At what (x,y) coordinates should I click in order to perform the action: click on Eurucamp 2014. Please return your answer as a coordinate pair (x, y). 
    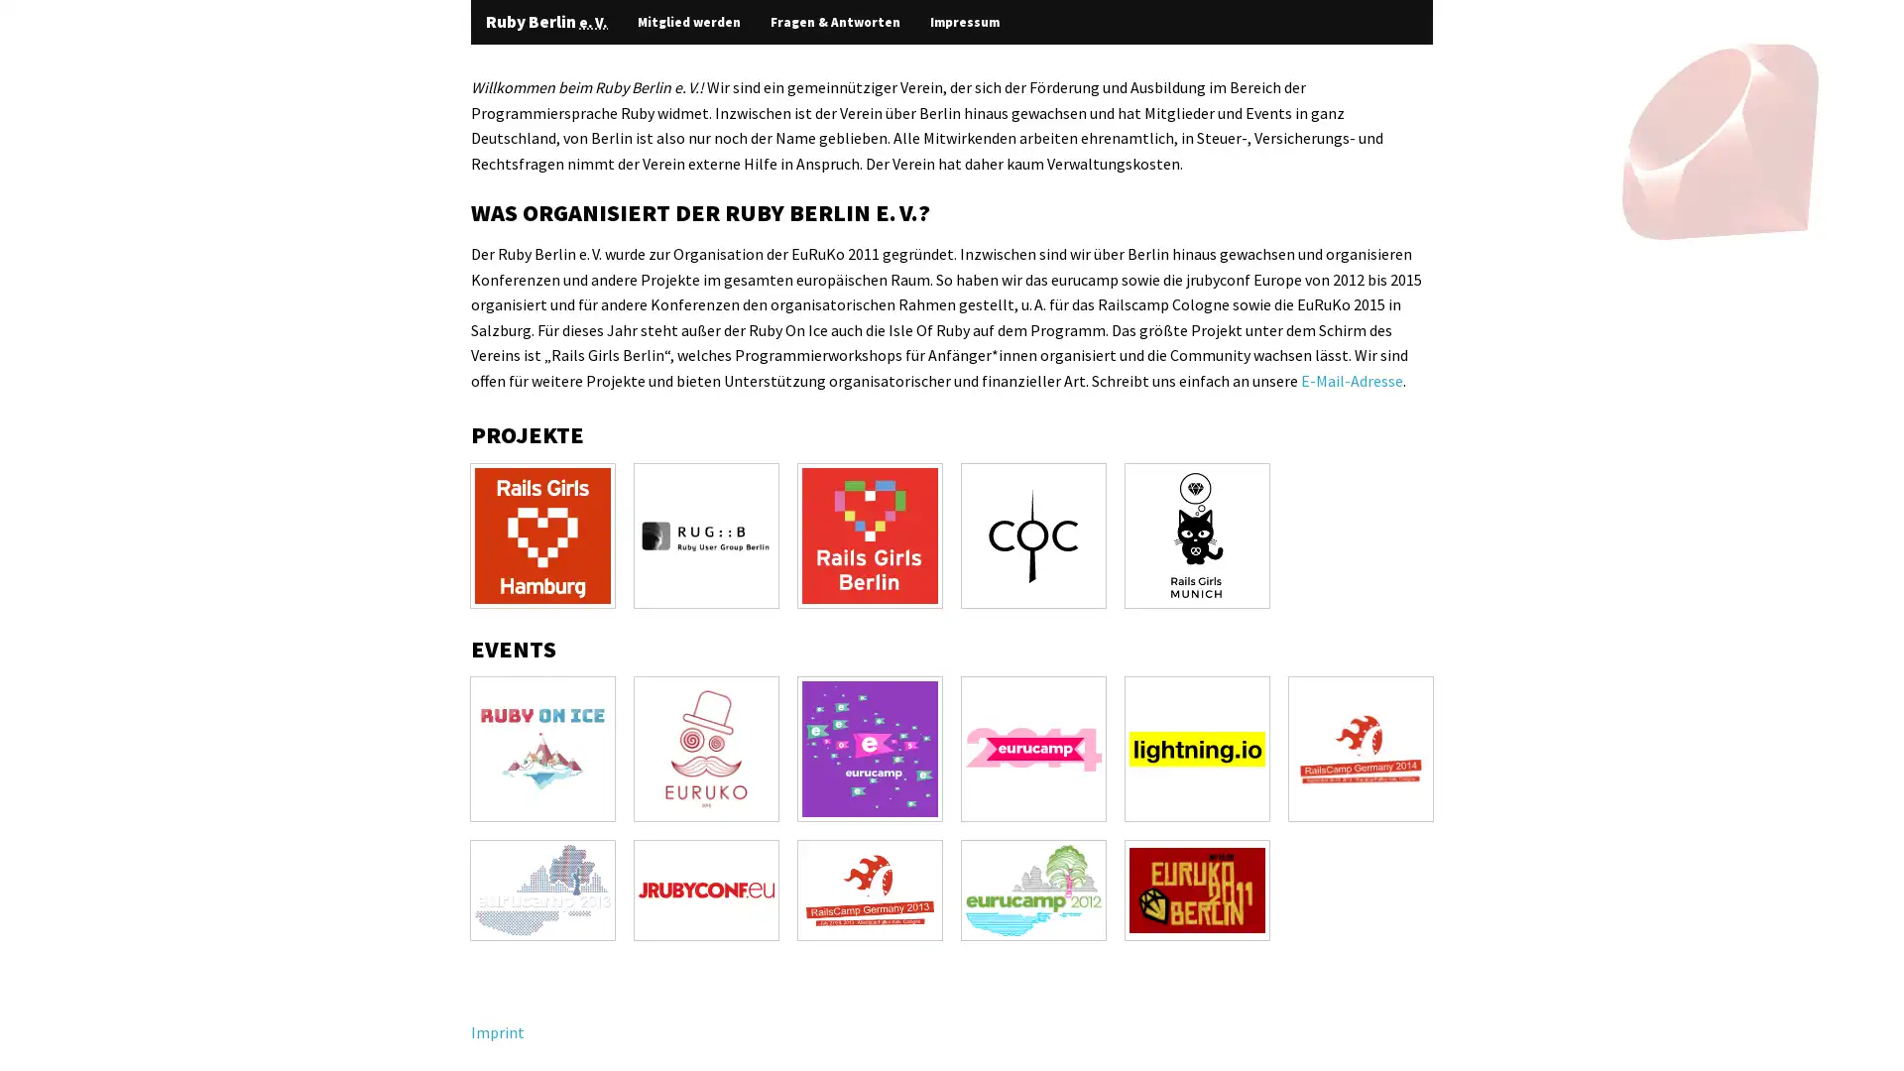
    Looking at the image, I should click on (1032, 749).